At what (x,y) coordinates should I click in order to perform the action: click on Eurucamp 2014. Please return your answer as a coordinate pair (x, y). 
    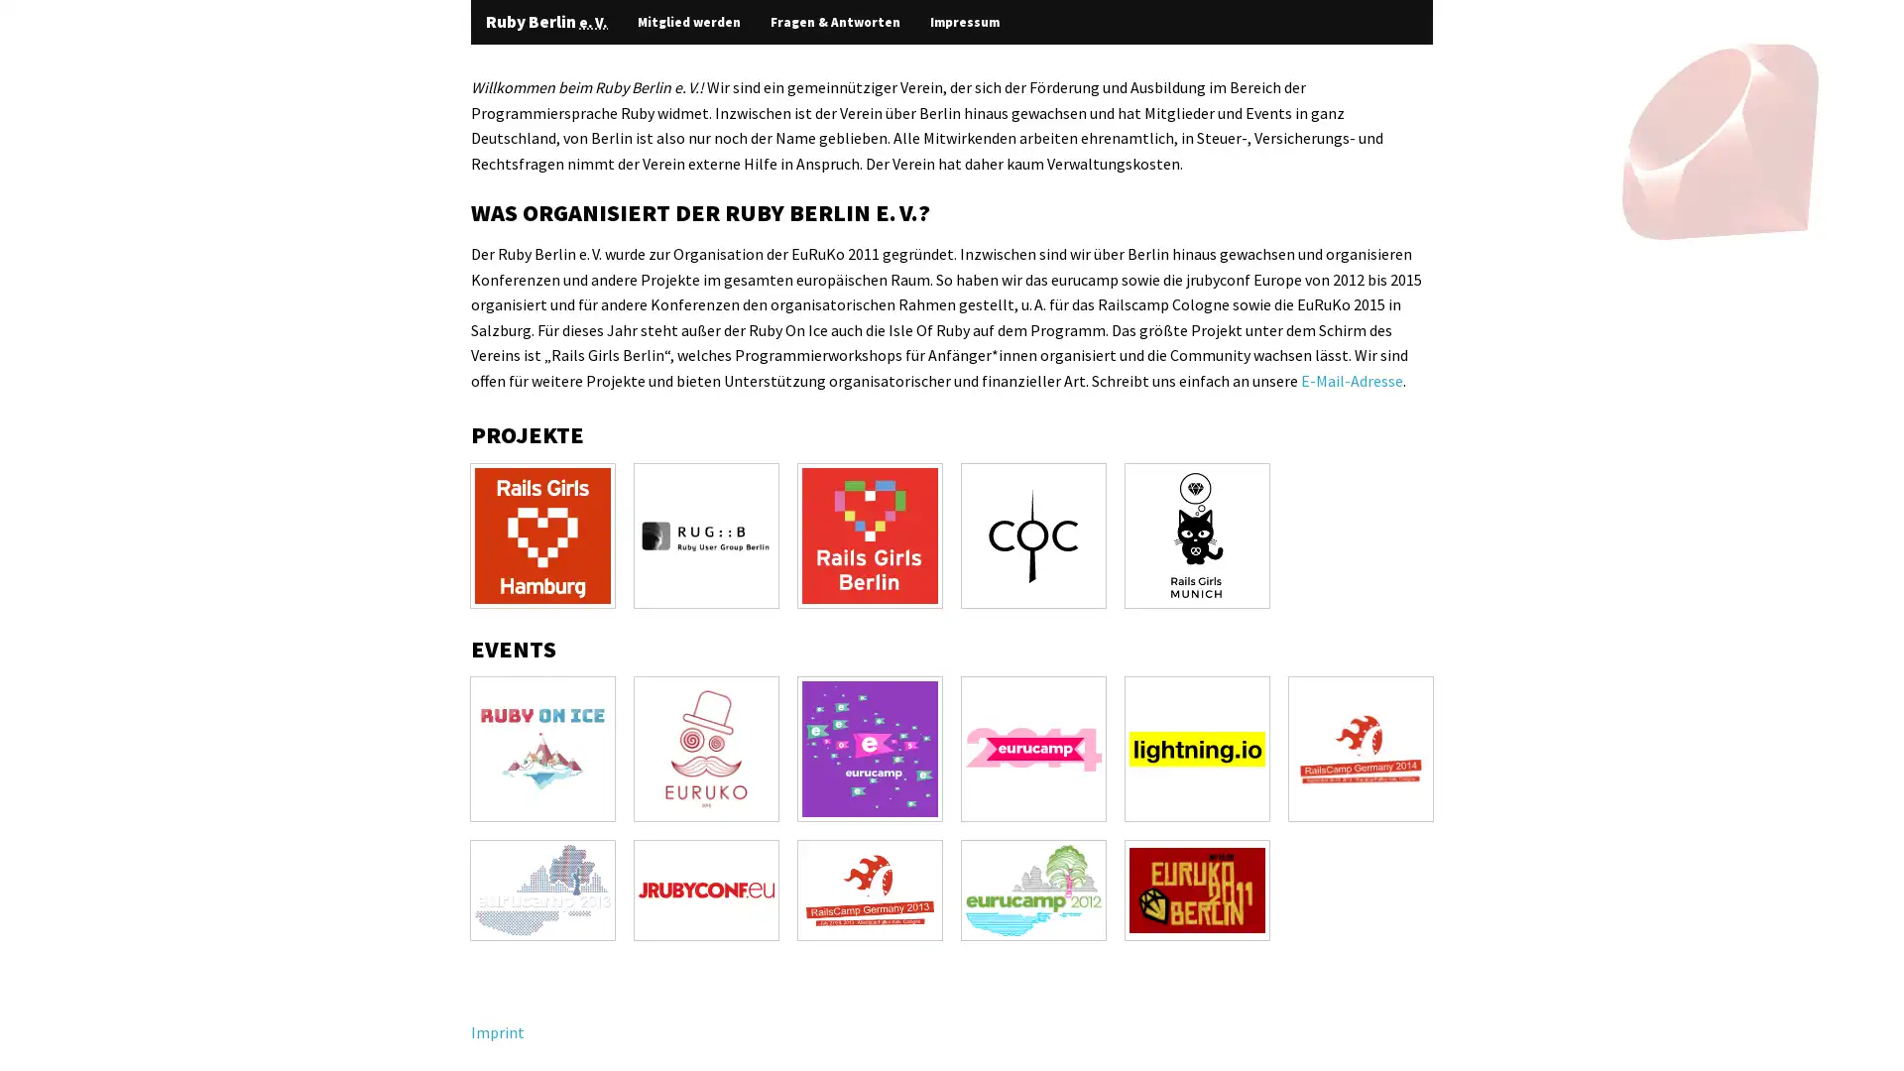
    Looking at the image, I should click on (1032, 749).